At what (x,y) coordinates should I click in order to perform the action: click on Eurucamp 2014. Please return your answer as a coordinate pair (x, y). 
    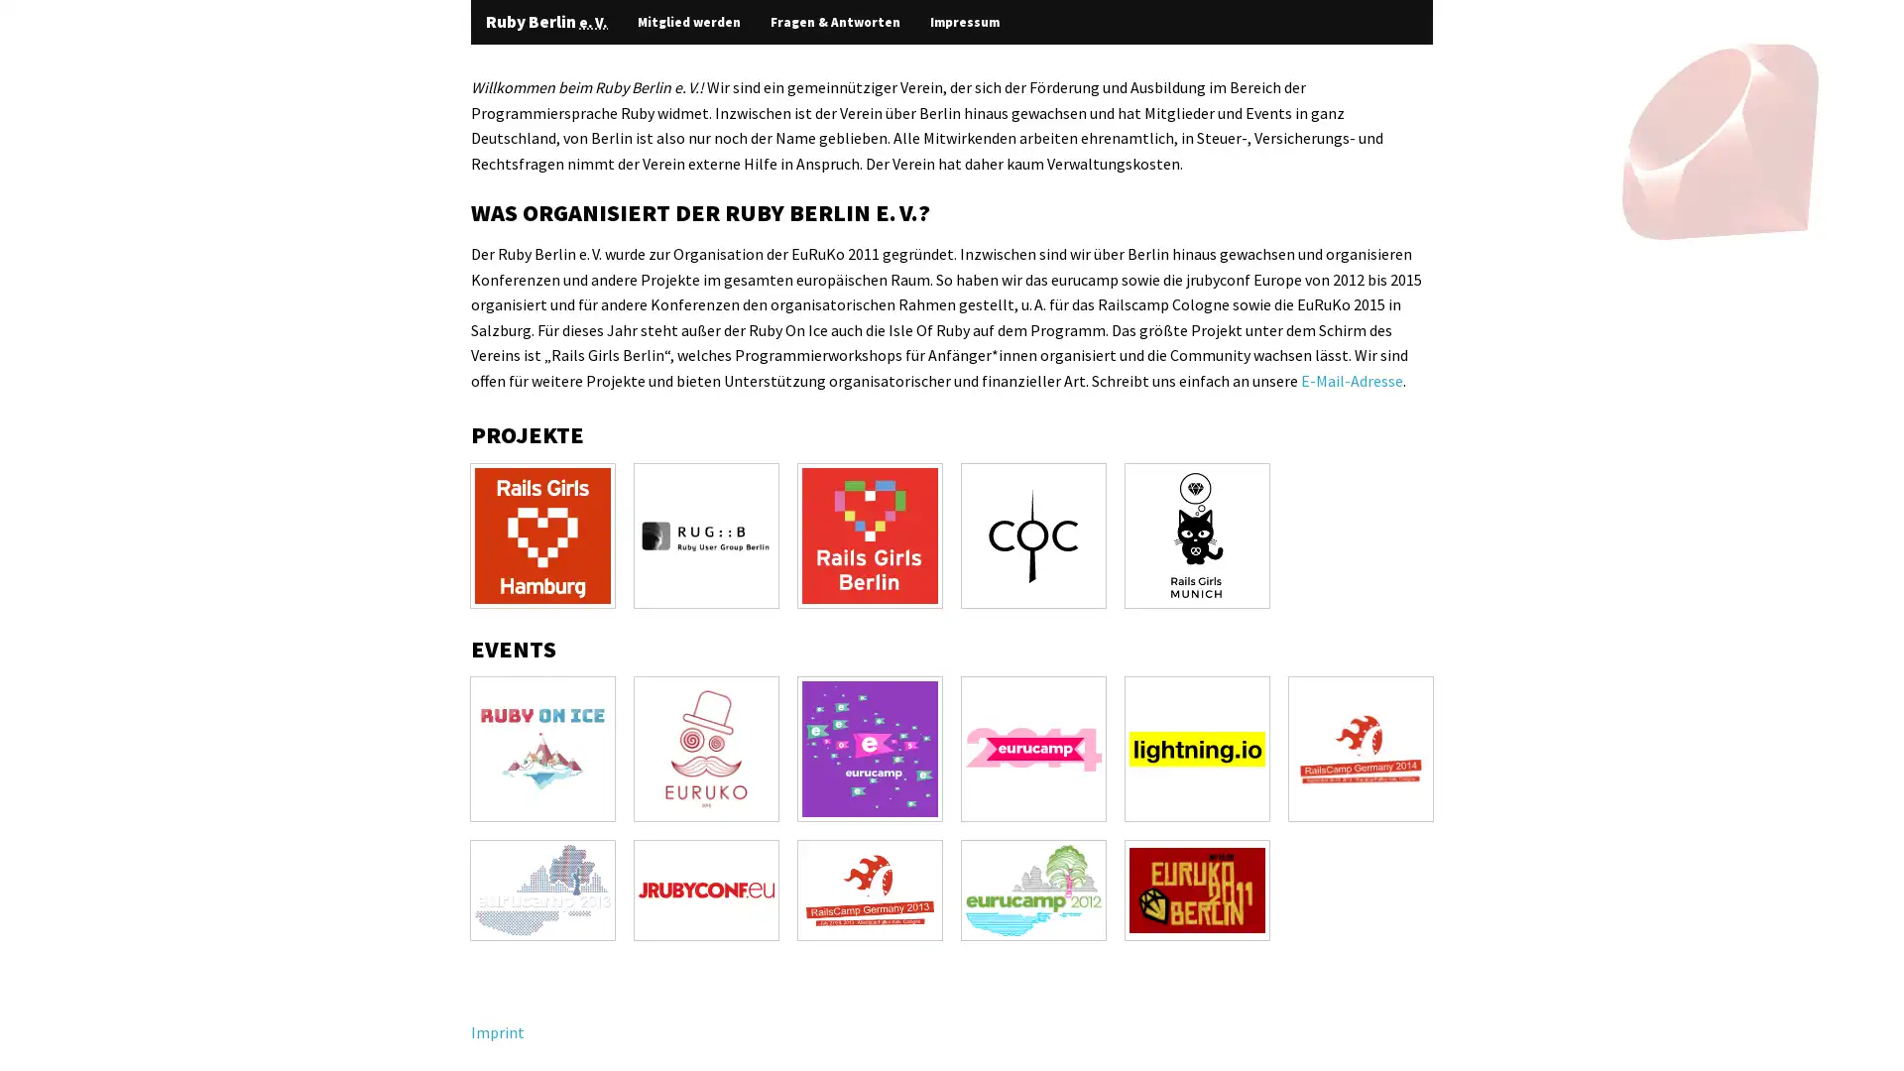
    Looking at the image, I should click on (1032, 749).